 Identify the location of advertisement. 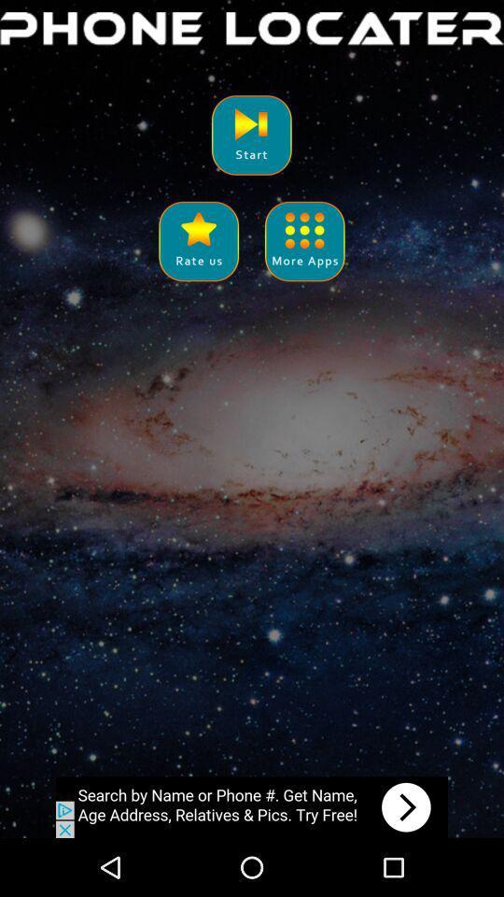
(252, 806).